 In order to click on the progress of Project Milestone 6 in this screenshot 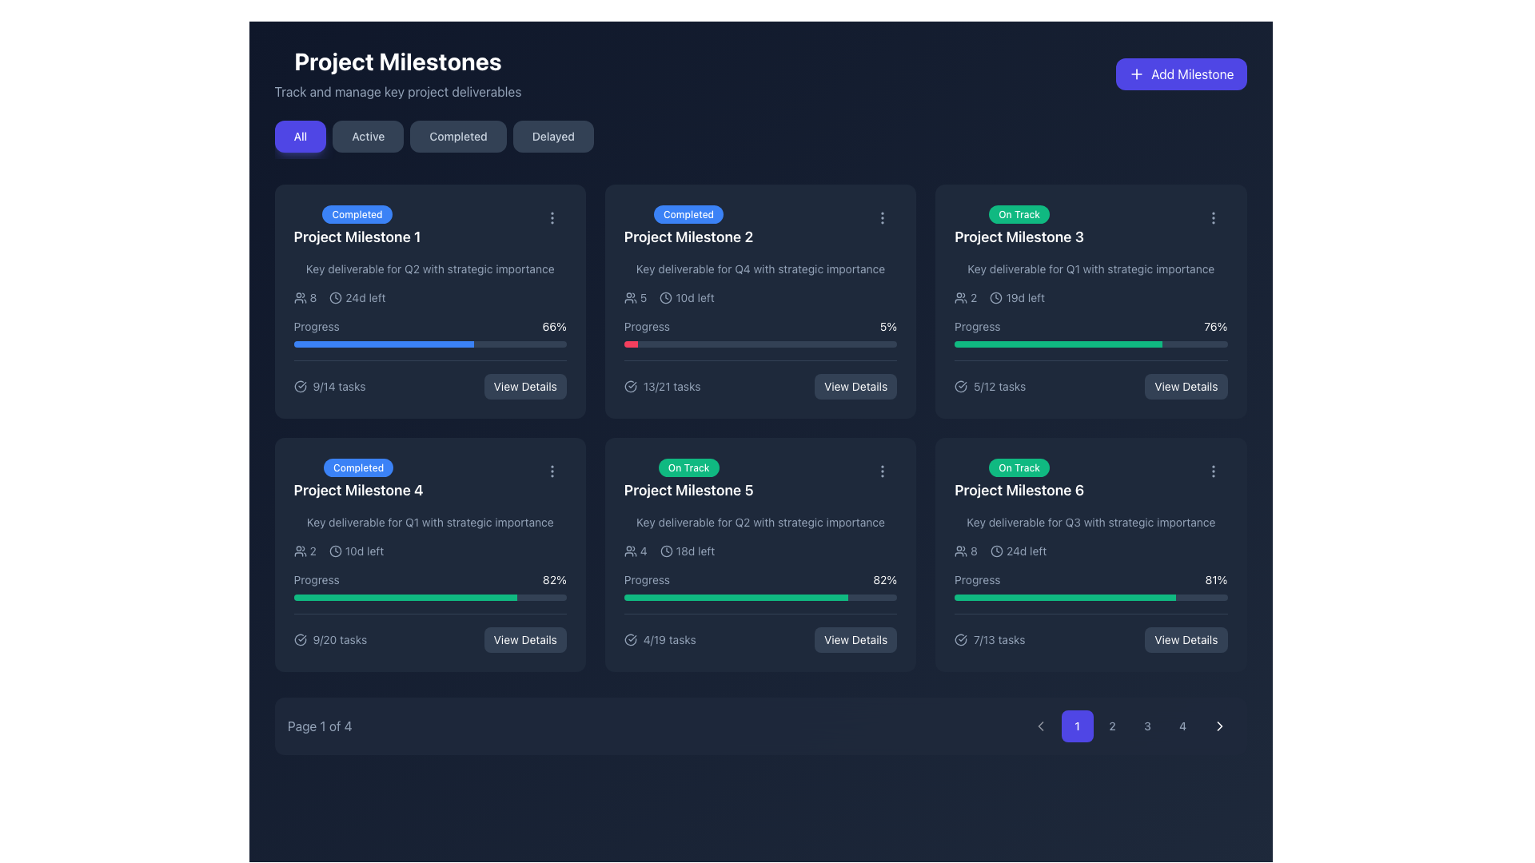, I will do `click(1168, 598)`.